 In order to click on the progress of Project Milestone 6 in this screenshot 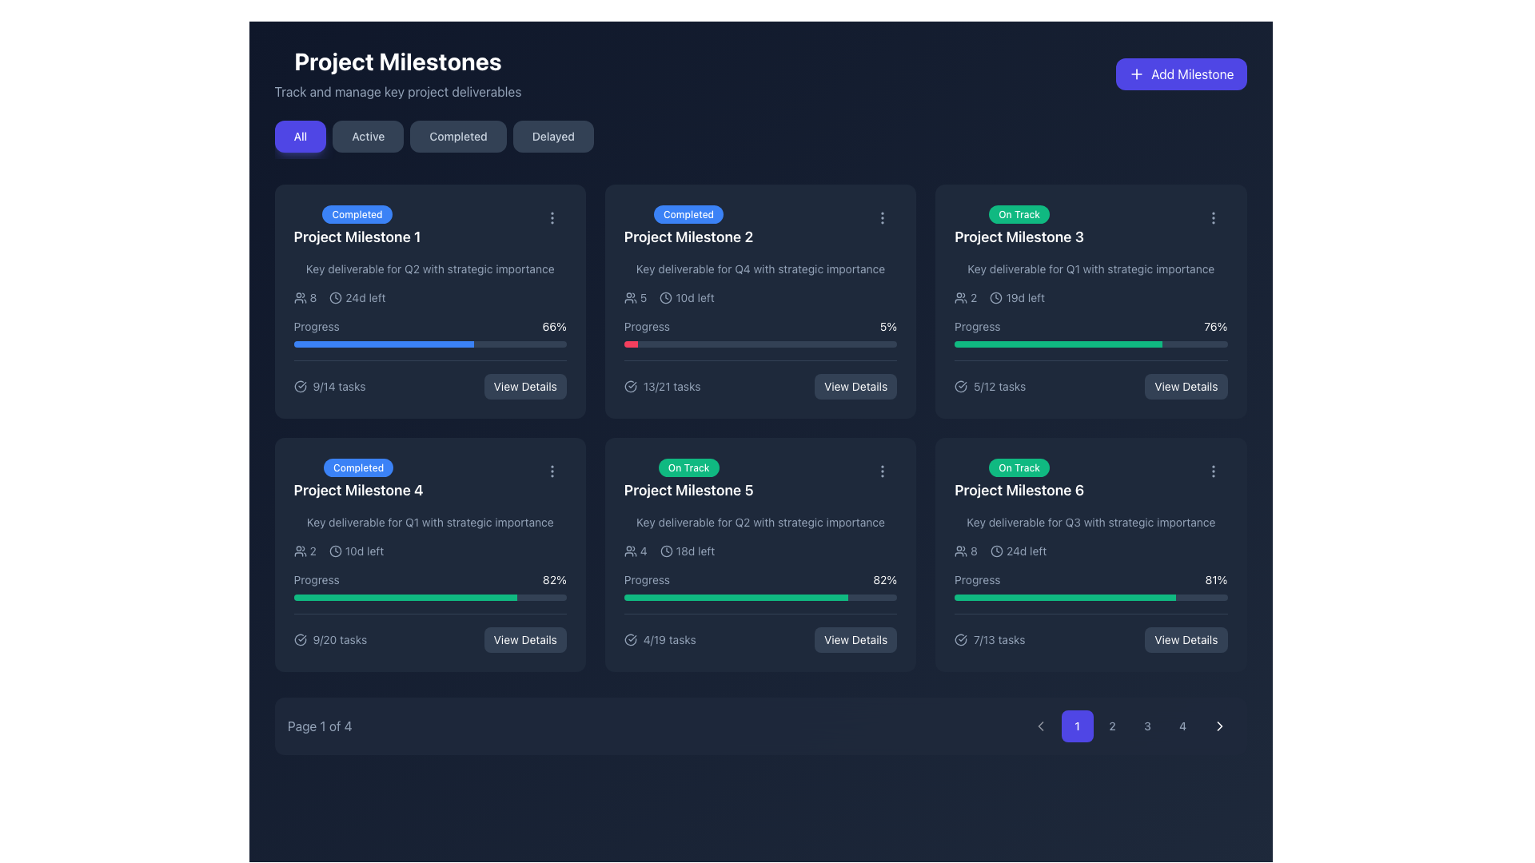, I will do `click(1168, 598)`.